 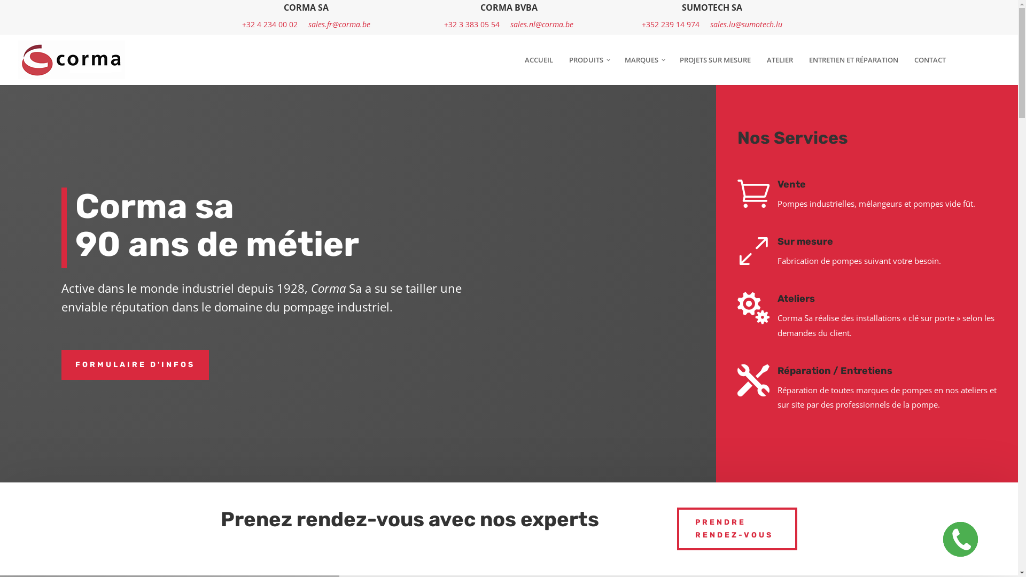 I want to click on 'sales.lu@sumotech.lu', so click(x=710, y=24).